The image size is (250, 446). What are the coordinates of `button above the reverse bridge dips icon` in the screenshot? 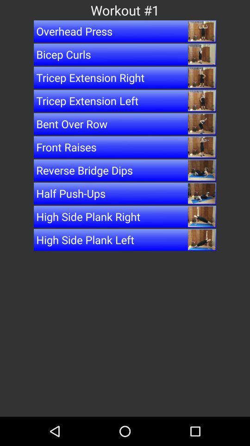 It's located at (125, 147).